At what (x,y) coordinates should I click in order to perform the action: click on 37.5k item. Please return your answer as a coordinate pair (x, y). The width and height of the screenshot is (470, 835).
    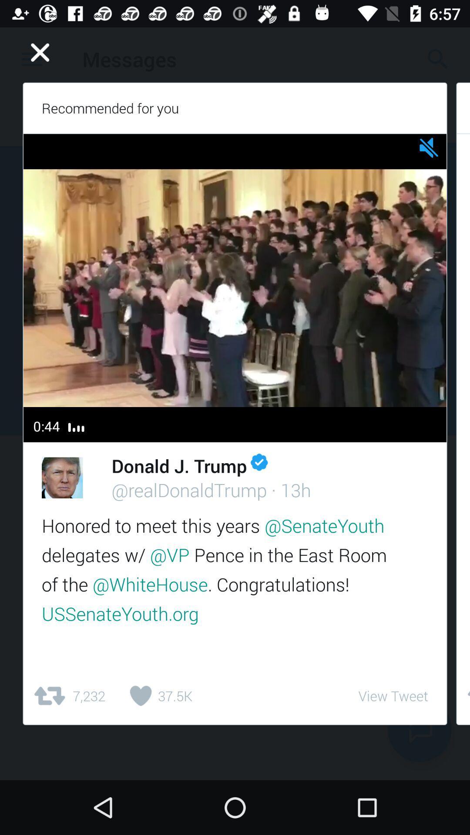
    Looking at the image, I should click on (158, 696).